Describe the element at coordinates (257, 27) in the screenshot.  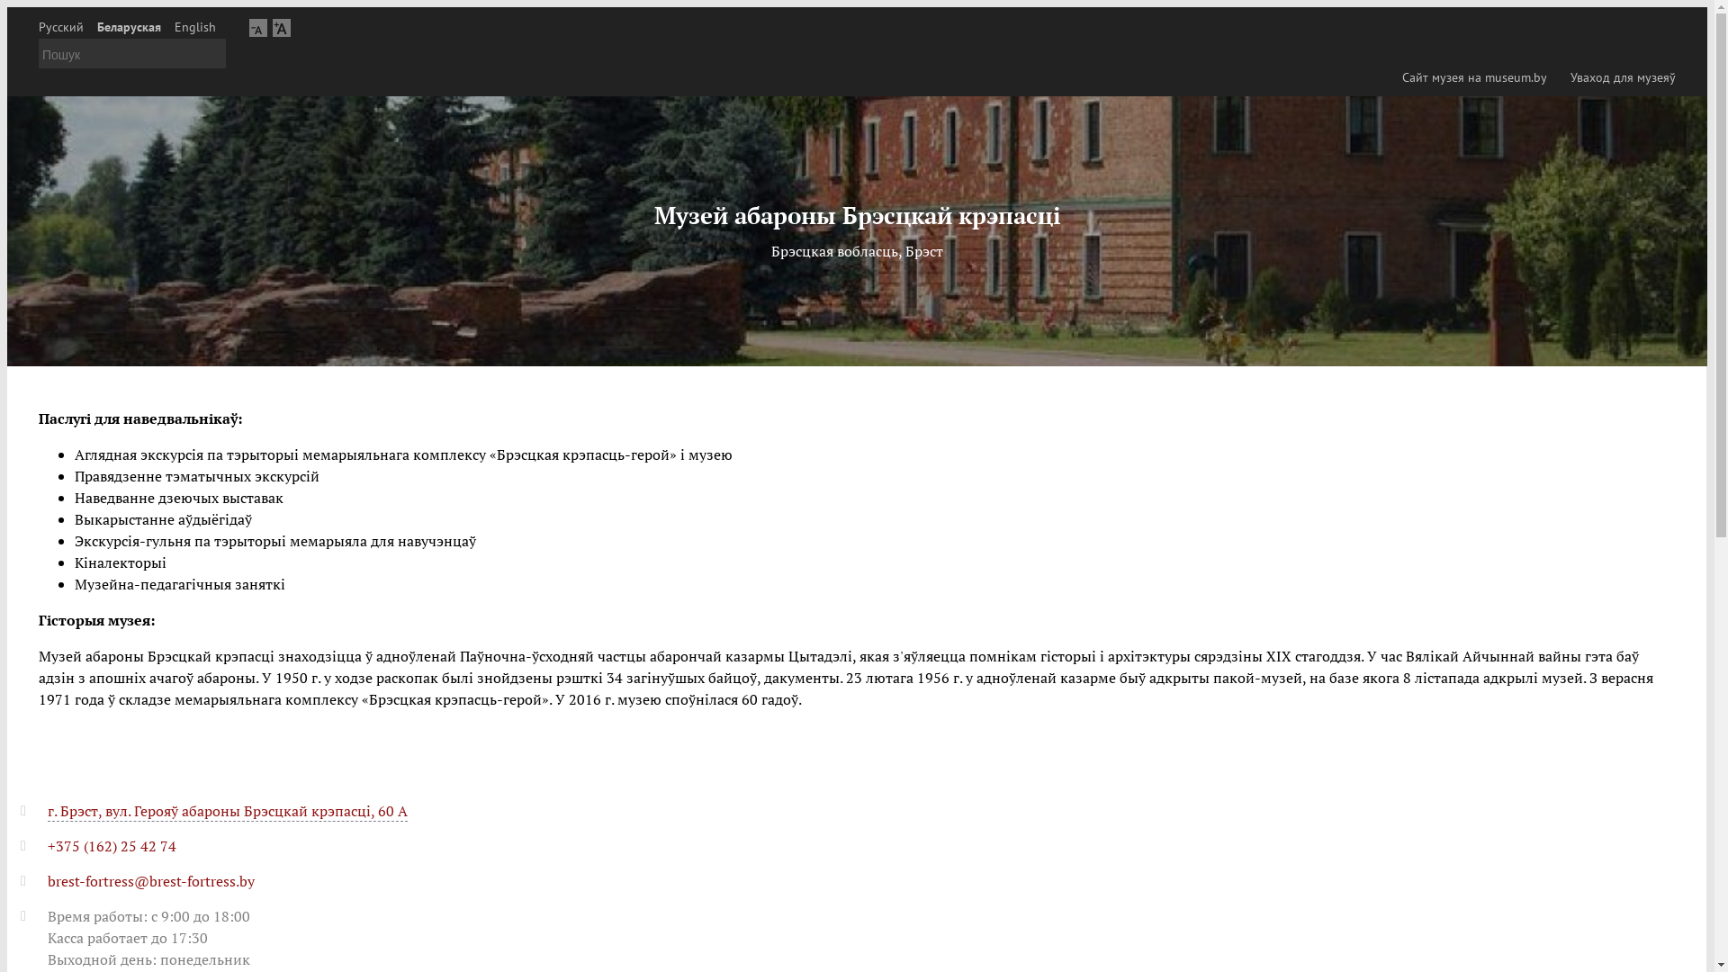
I see `'A'` at that location.